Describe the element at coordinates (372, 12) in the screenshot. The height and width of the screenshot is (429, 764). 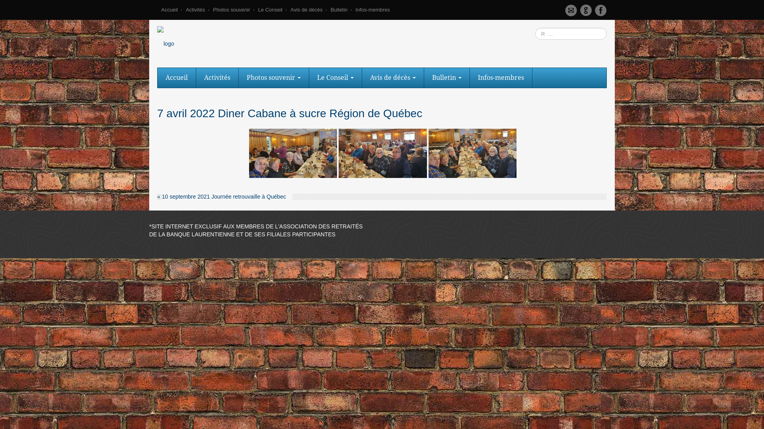
I see `'Infos-membres'` at that location.